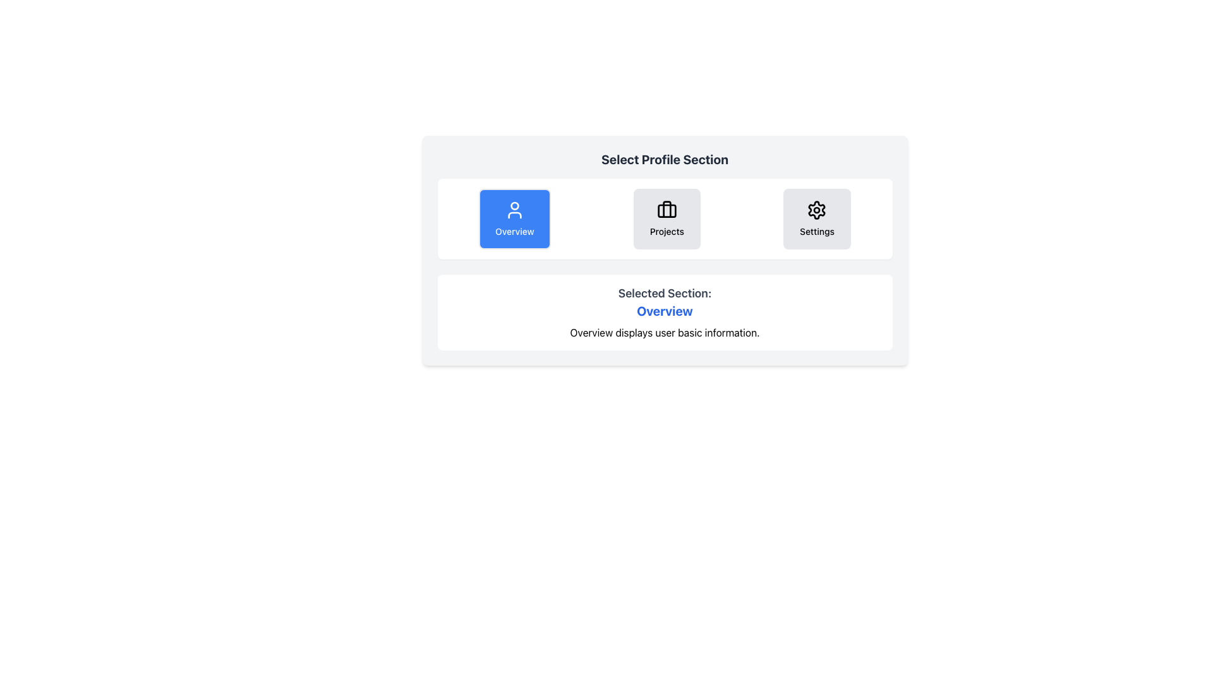  I want to click on the gear icon located in the 'Settings' box, so click(817, 209).